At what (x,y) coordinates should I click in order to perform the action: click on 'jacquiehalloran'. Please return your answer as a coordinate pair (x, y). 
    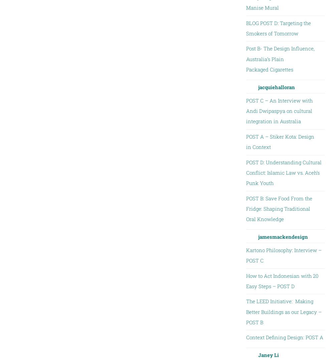
    Looking at the image, I should click on (276, 86).